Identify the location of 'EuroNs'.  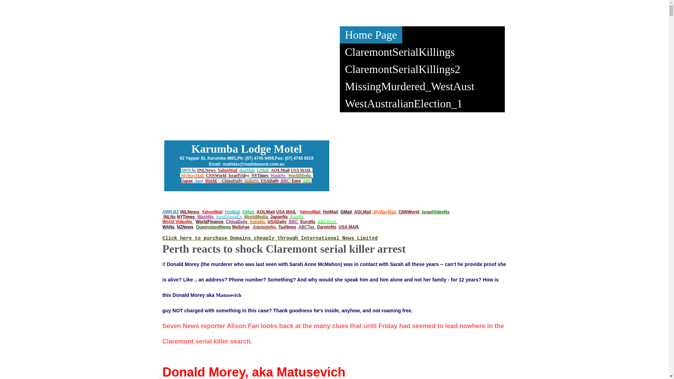
(308, 222).